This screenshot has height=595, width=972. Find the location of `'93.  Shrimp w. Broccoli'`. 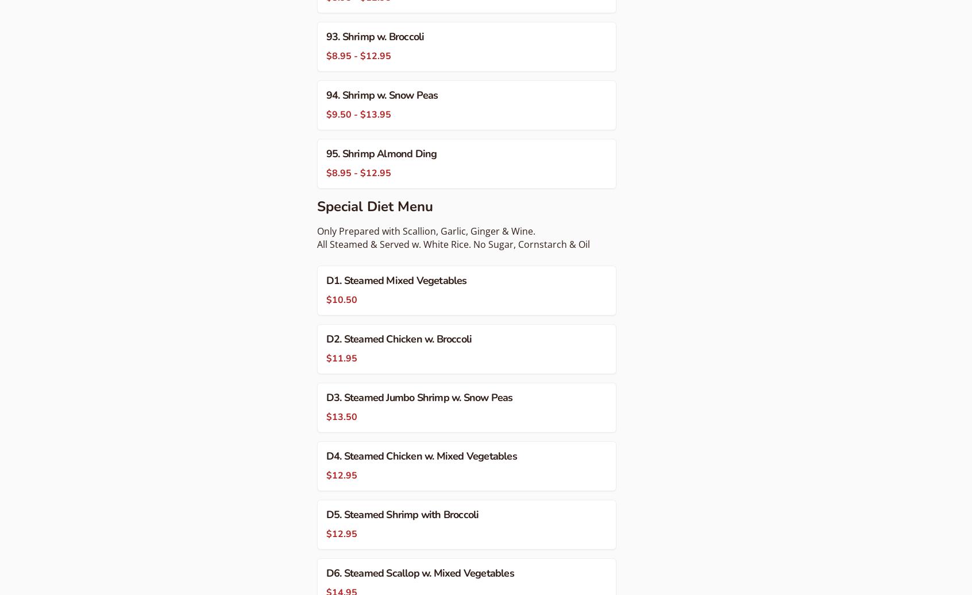

'93.  Shrimp w. Broccoli' is located at coordinates (375, 36).